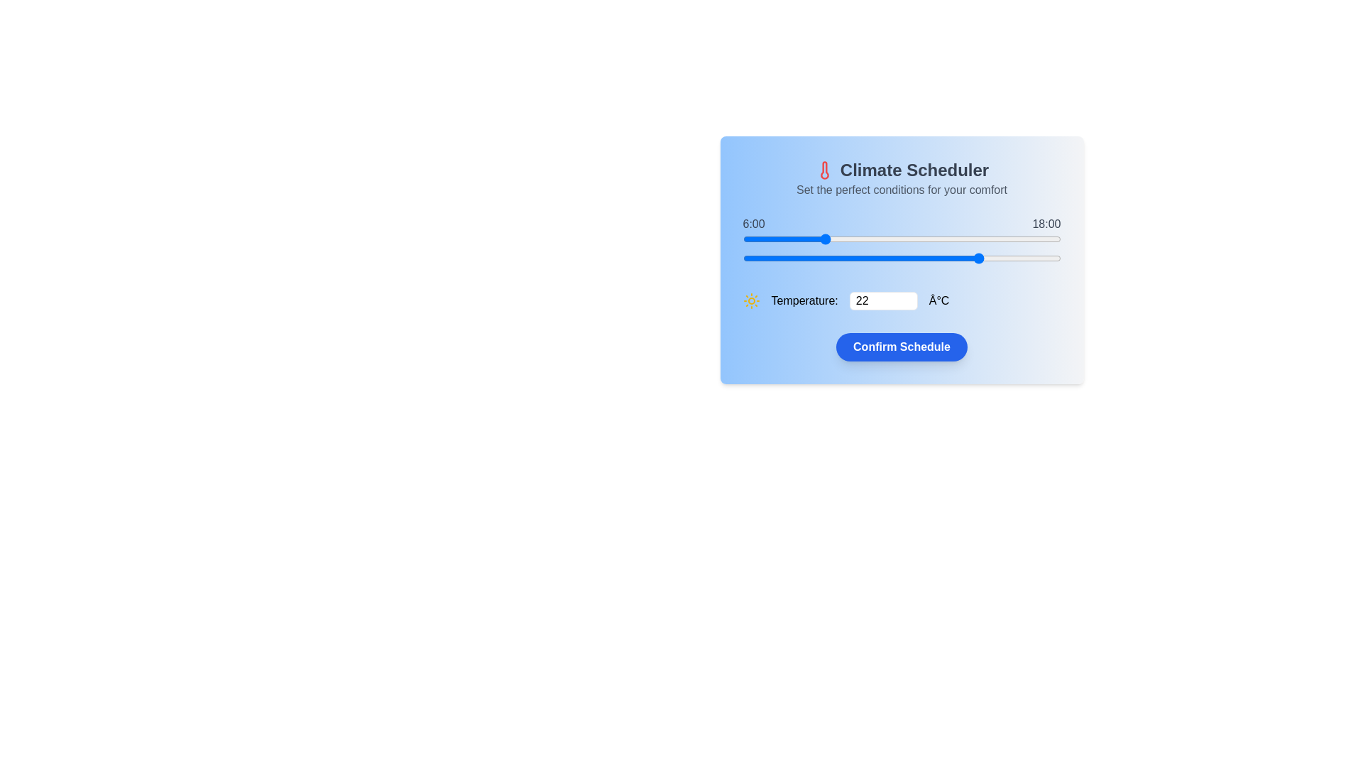 This screenshot has width=1363, height=767. Describe the element at coordinates (941, 238) in the screenshot. I see `the time on the slider` at that location.